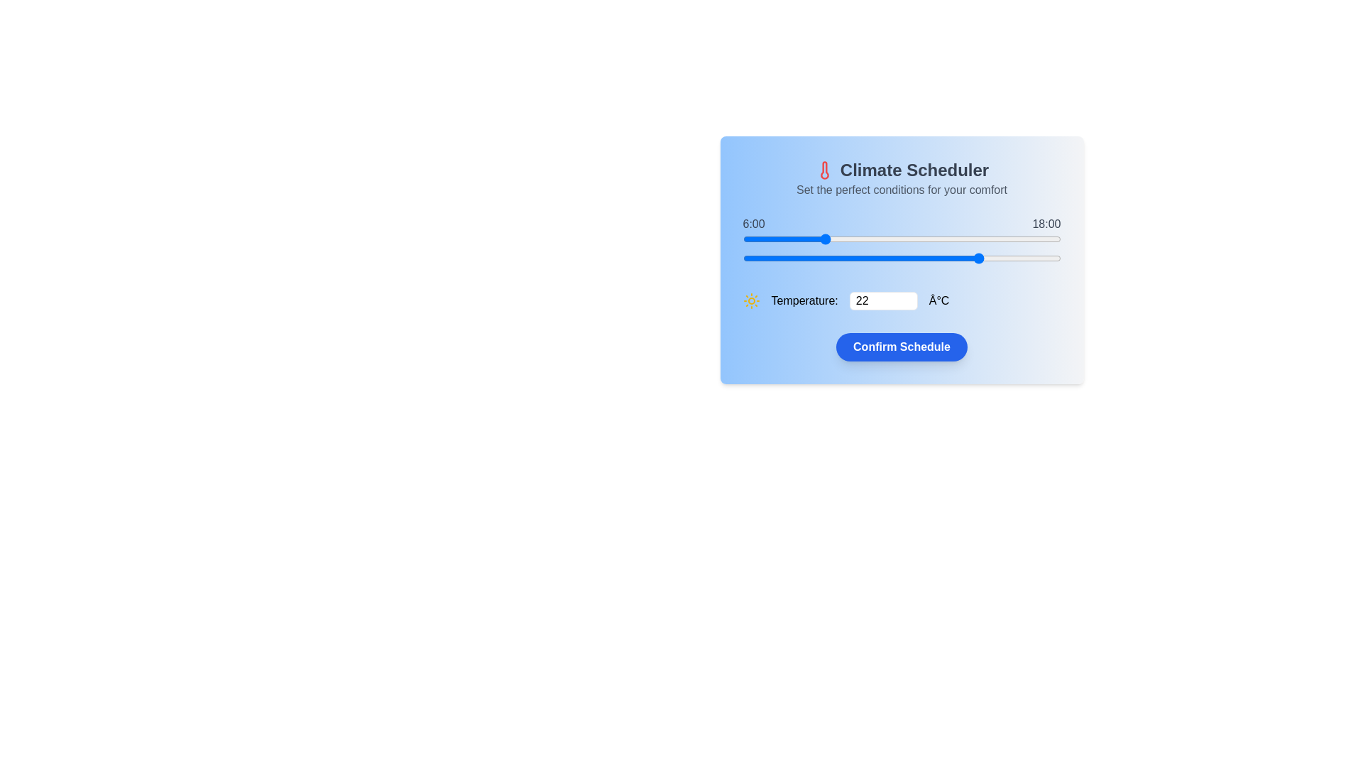 This screenshot has width=1363, height=767. Describe the element at coordinates (941, 238) in the screenshot. I see `the time on the slider` at that location.